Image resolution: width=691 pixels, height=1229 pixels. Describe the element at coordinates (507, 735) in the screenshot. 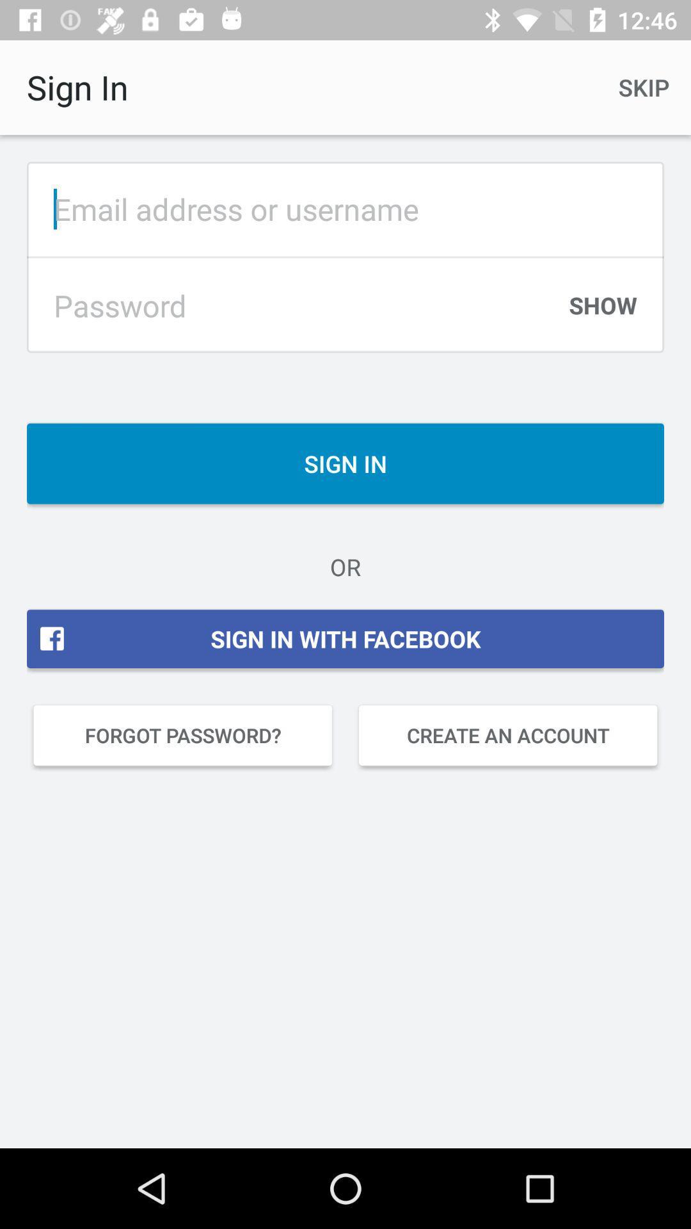

I see `icon to the right of the forgot password? icon` at that location.